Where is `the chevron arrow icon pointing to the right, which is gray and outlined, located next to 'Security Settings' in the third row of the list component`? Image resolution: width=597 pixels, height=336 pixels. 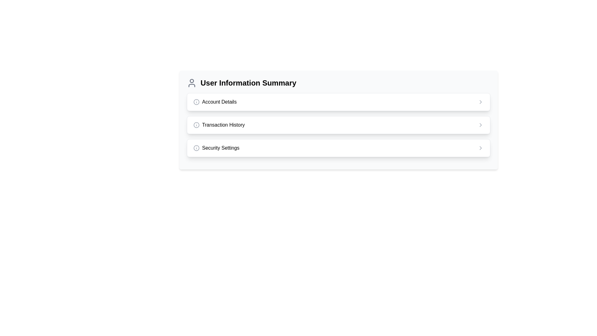
the chevron arrow icon pointing to the right, which is gray and outlined, located next to 'Security Settings' in the third row of the list component is located at coordinates (480, 148).